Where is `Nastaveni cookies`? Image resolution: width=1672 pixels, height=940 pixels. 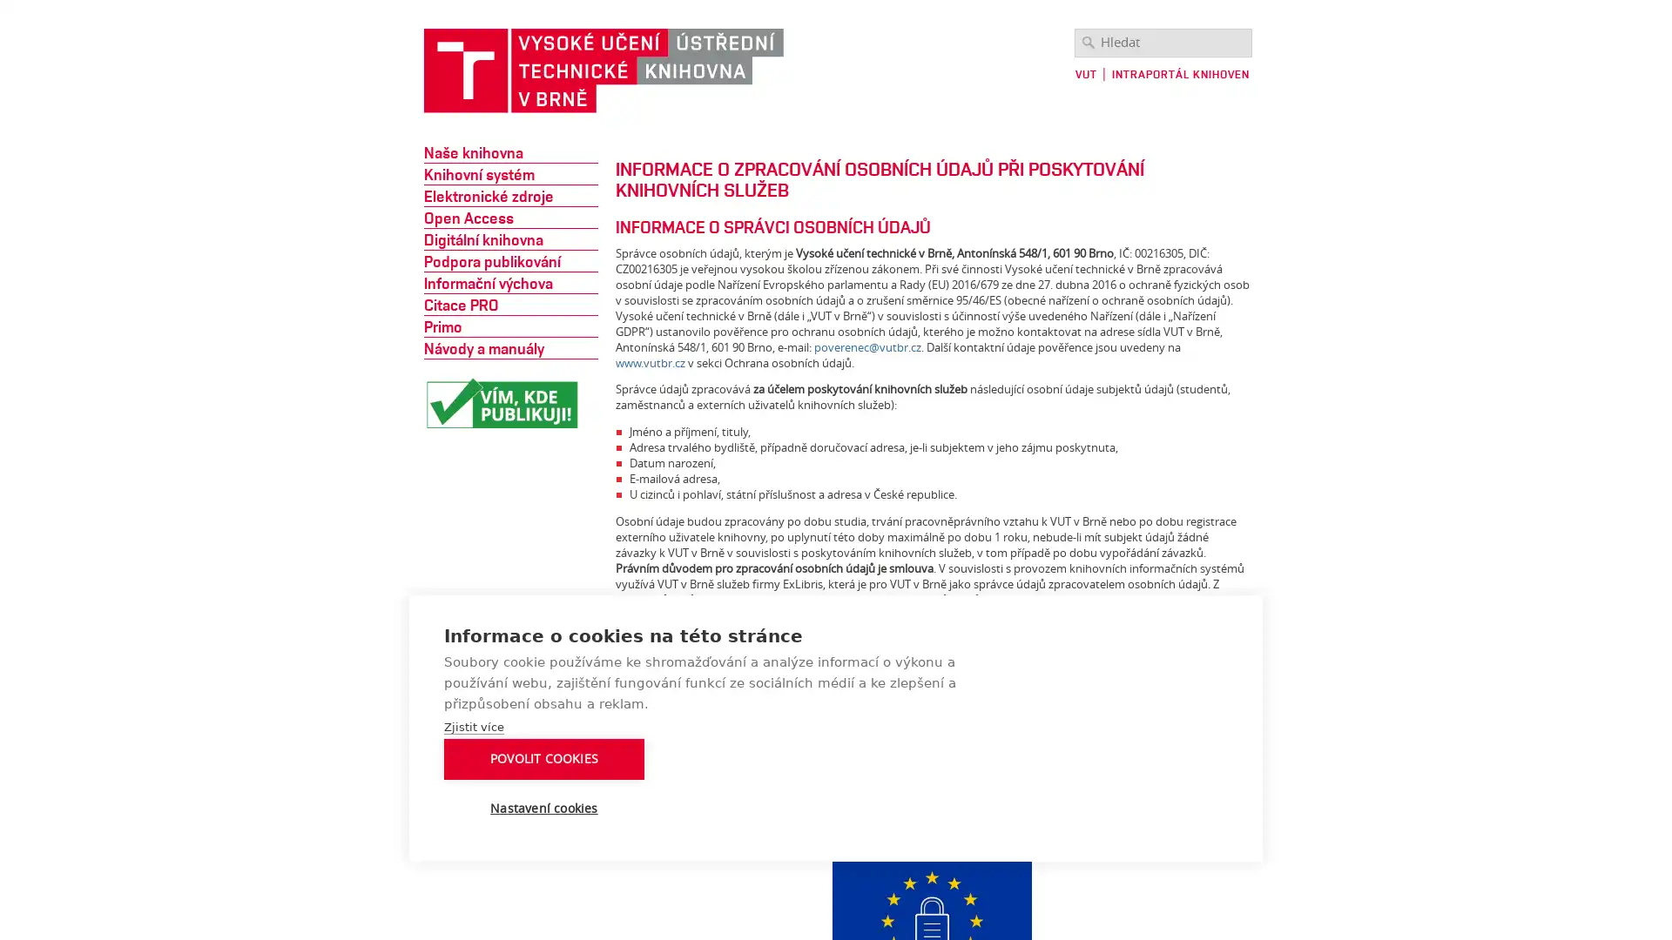
Nastaveni cookies is located at coordinates (1124, 788).